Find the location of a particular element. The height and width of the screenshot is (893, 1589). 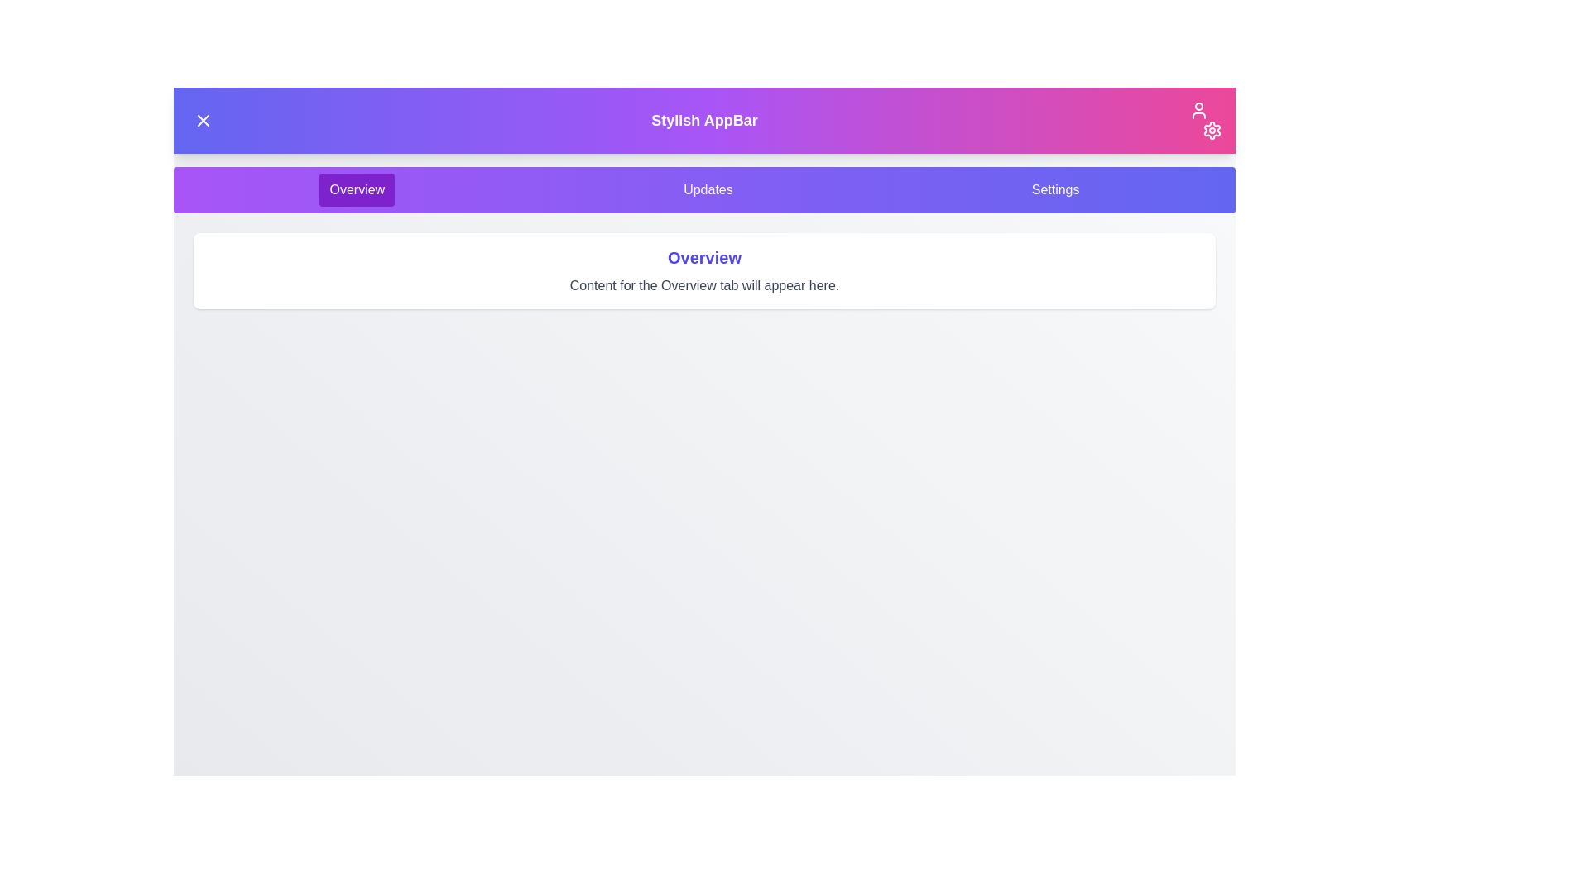

the tab labeled Overview to observe its associated gradient and content is located at coordinates (356, 189).